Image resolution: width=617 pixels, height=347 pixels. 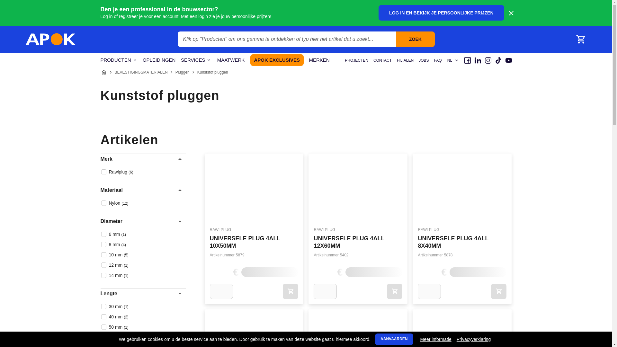 I want to click on 'Winkelmandje', so click(x=580, y=39).